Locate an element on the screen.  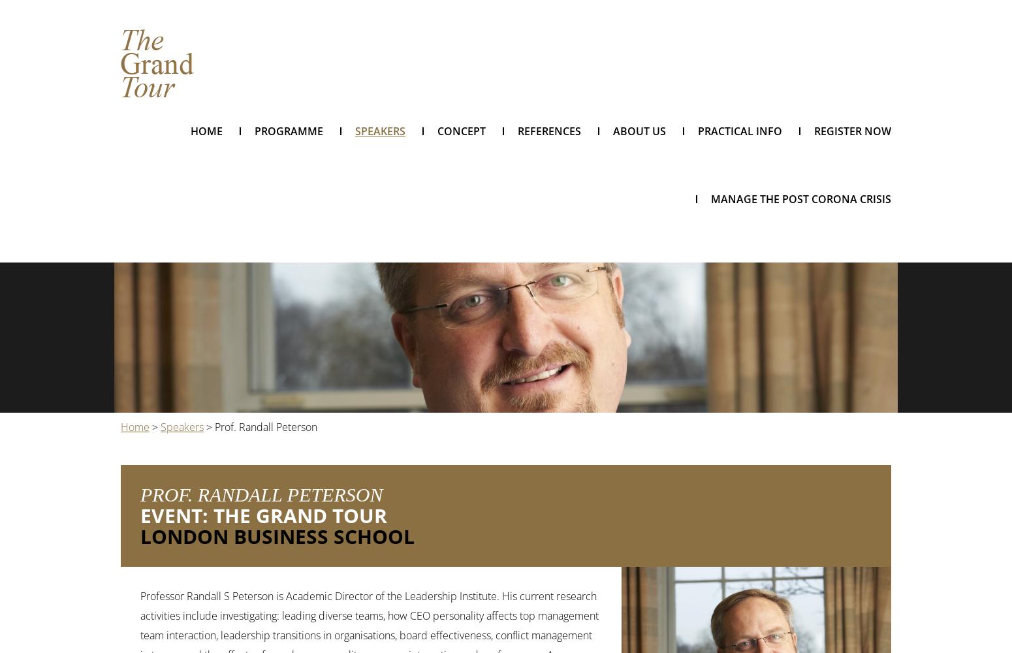
'Concept' is located at coordinates (461, 131).